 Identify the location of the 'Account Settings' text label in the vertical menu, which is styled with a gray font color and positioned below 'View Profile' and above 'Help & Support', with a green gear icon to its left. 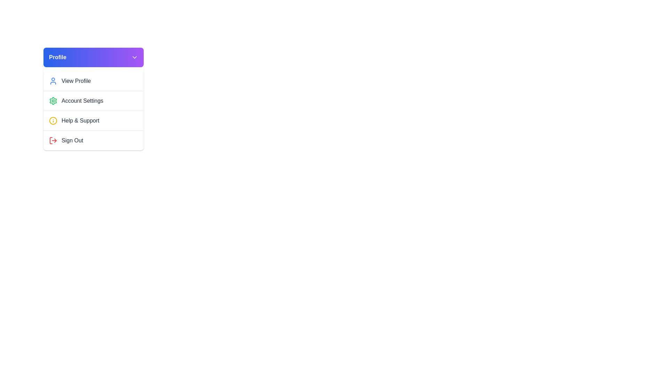
(82, 101).